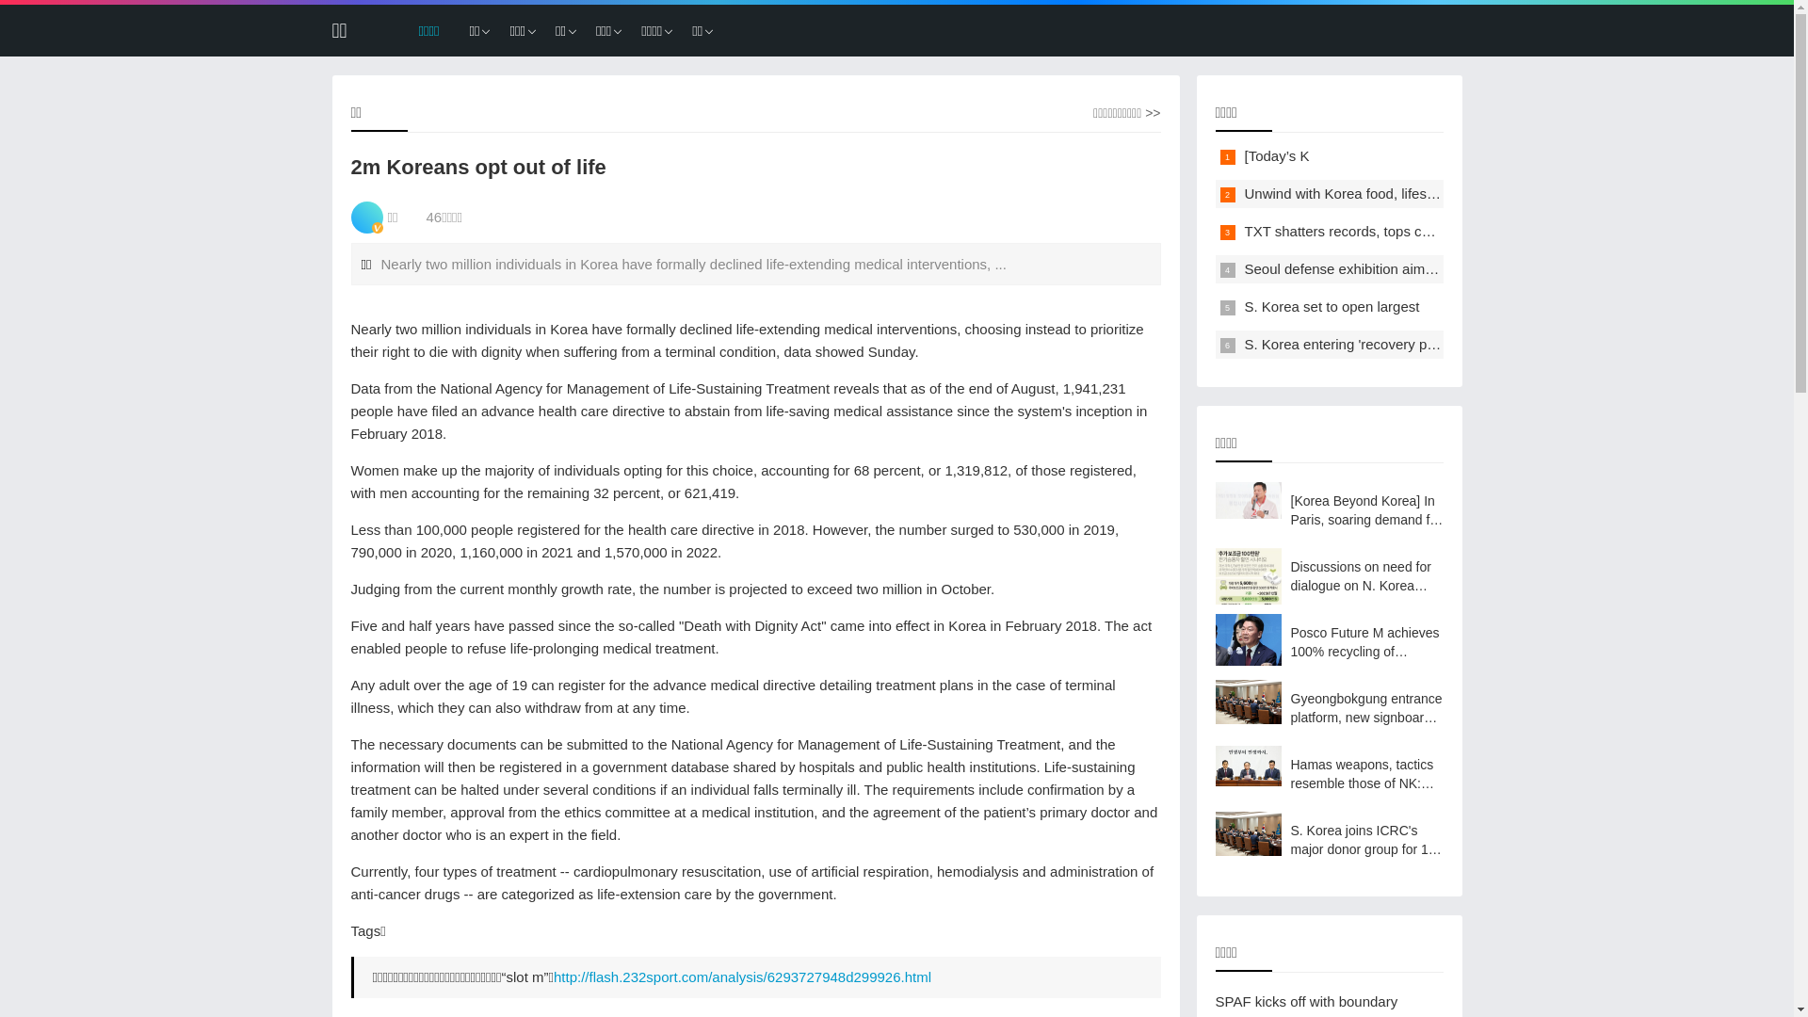 This screenshot has width=1808, height=1017. Describe the element at coordinates (741, 976) in the screenshot. I see `'http://flash.232sport.com/analysis/6293727948d299926.html'` at that location.